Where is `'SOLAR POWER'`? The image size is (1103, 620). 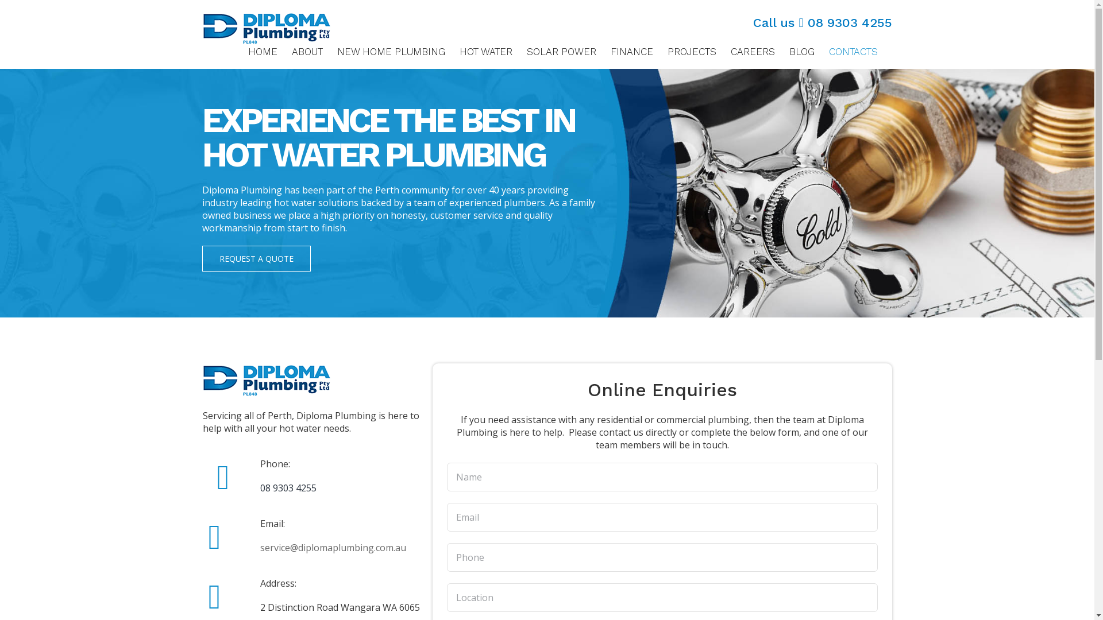 'SOLAR POWER' is located at coordinates (561, 51).